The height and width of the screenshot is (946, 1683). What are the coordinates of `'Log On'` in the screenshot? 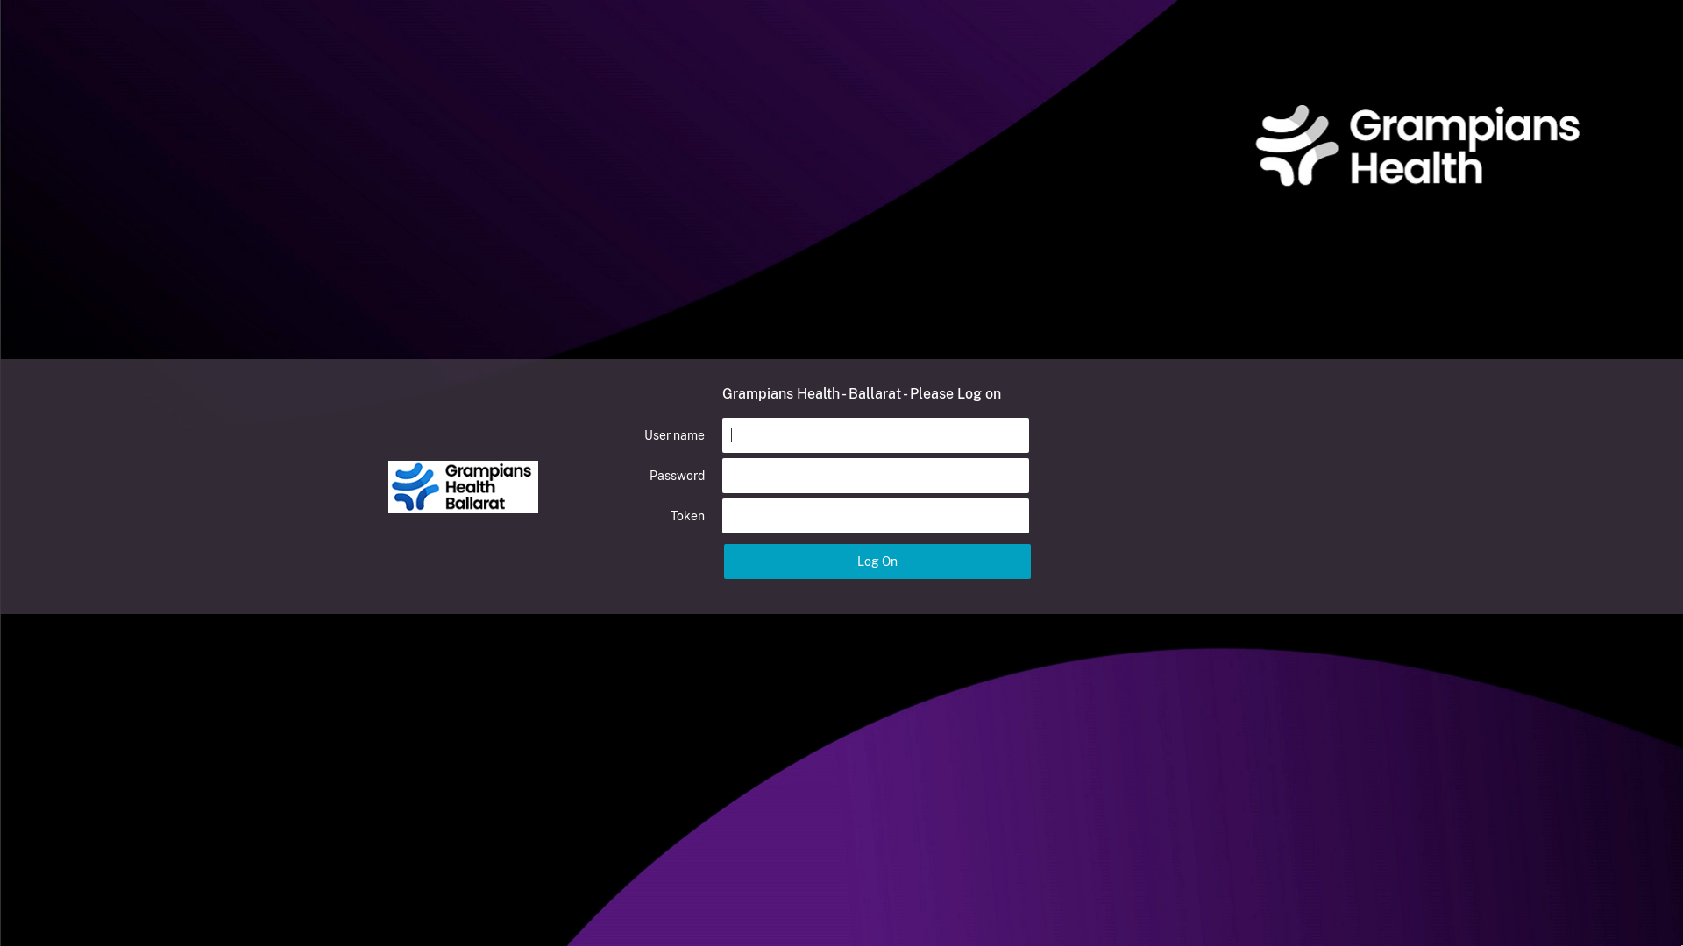 It's located at (877, 561).